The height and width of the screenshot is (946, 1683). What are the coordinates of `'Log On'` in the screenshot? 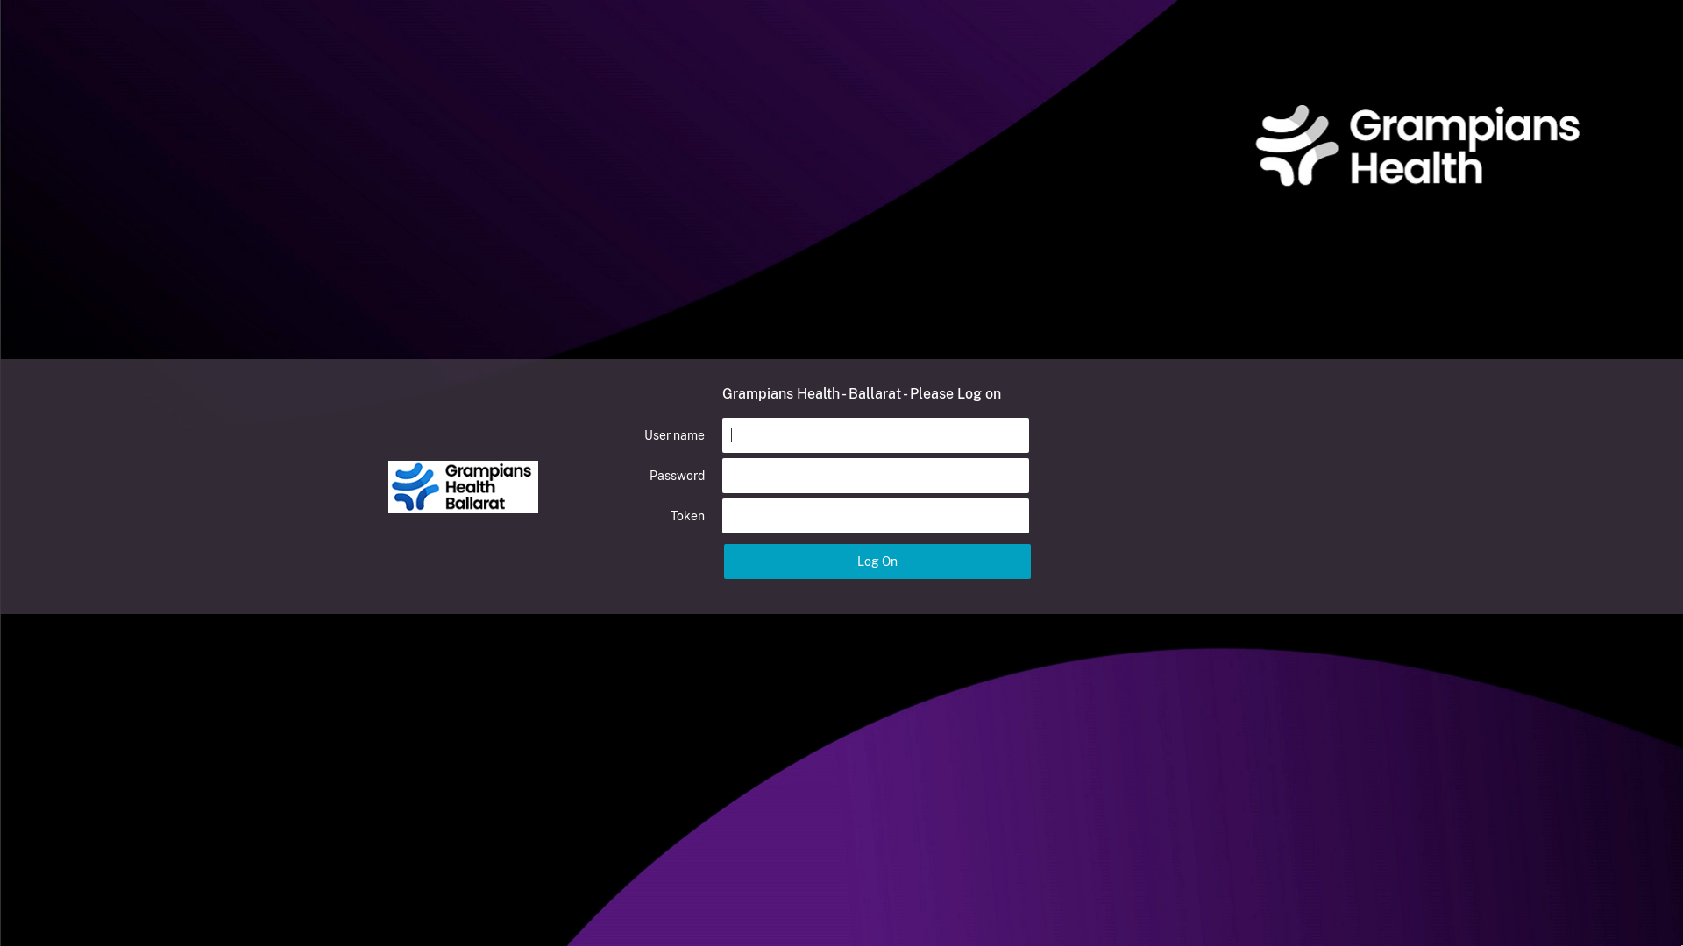 It's located at (877, 561).